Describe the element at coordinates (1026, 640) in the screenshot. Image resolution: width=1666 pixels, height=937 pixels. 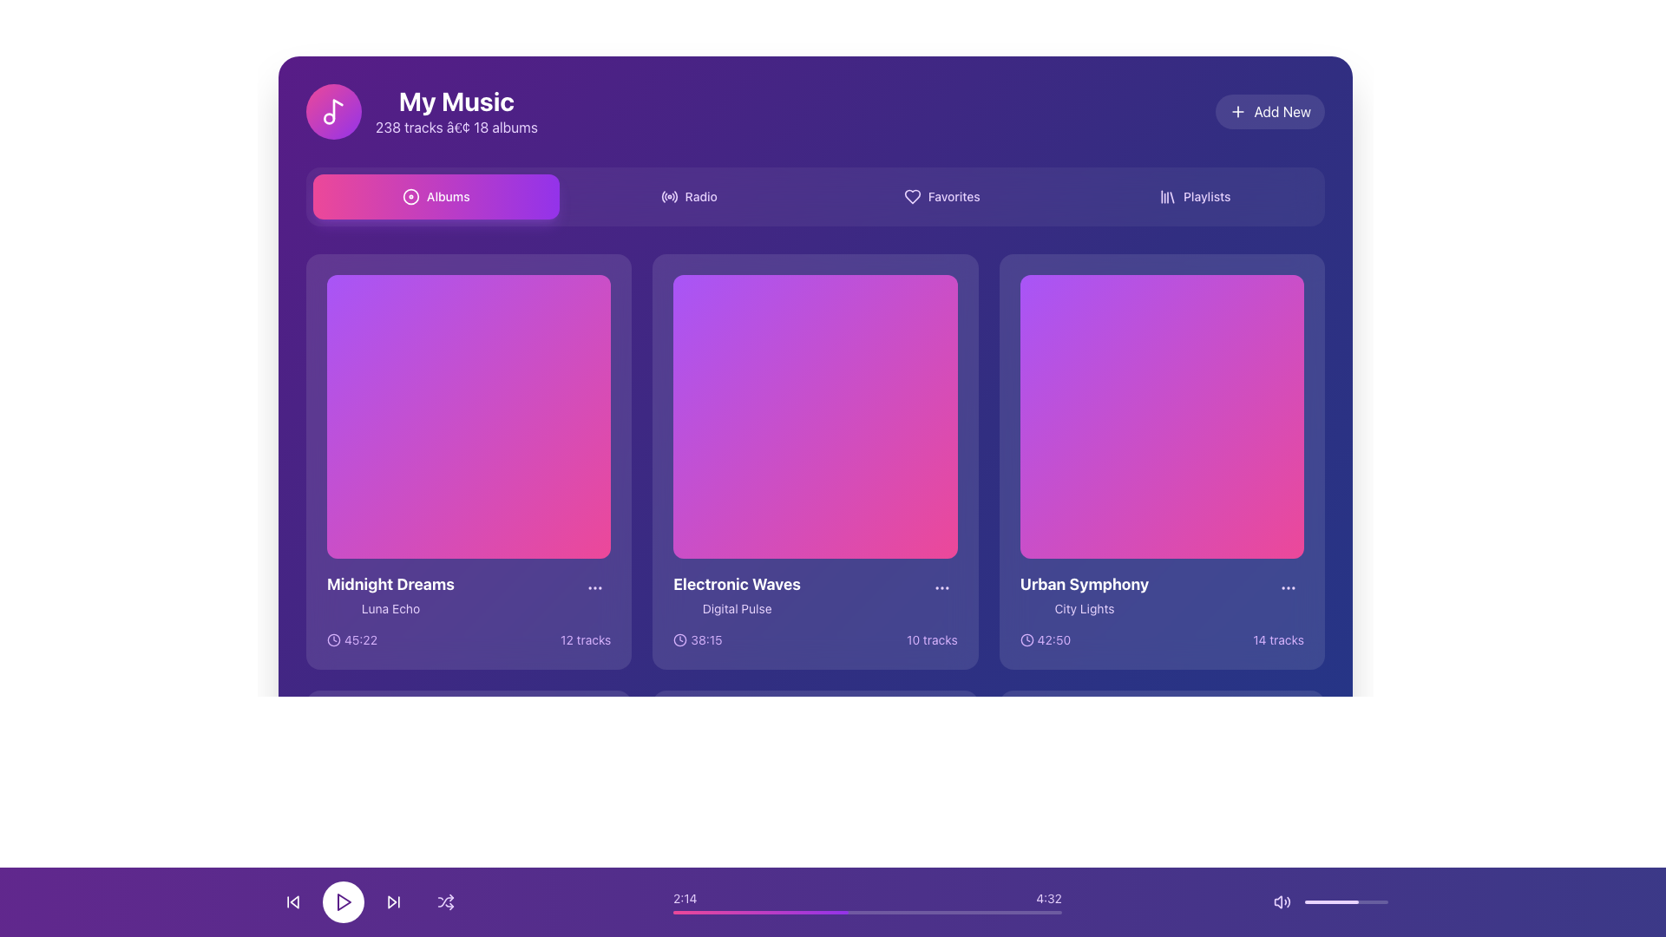
I see `the clock icon located to the left of the time duration '42:50' in the 'Urban Symphony' card` at that location.